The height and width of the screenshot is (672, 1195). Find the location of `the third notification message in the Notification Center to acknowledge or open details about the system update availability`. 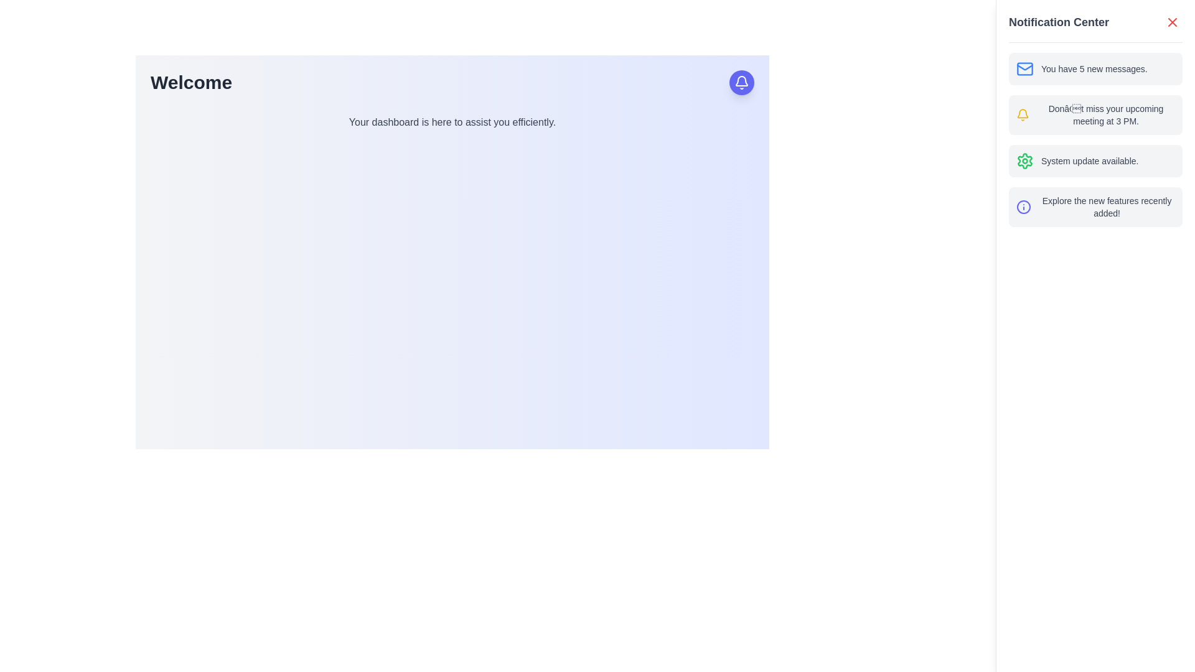

the third notification message in the Notification Center to acknowledge or open details about the system update availability is located at coordinates (1095, 160).